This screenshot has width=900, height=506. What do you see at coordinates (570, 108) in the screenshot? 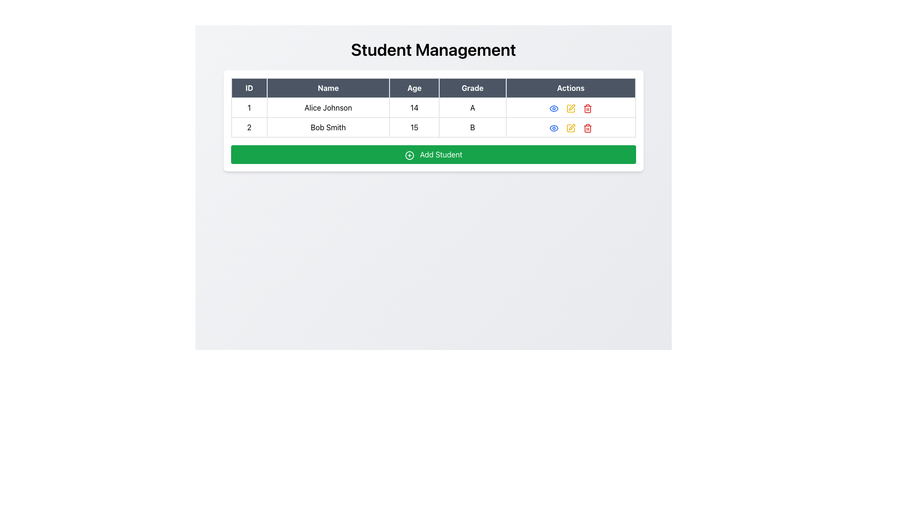
I see `the yellow pencil icon button in the second row of the 'Actions' column` at bounding box center [570, 108].